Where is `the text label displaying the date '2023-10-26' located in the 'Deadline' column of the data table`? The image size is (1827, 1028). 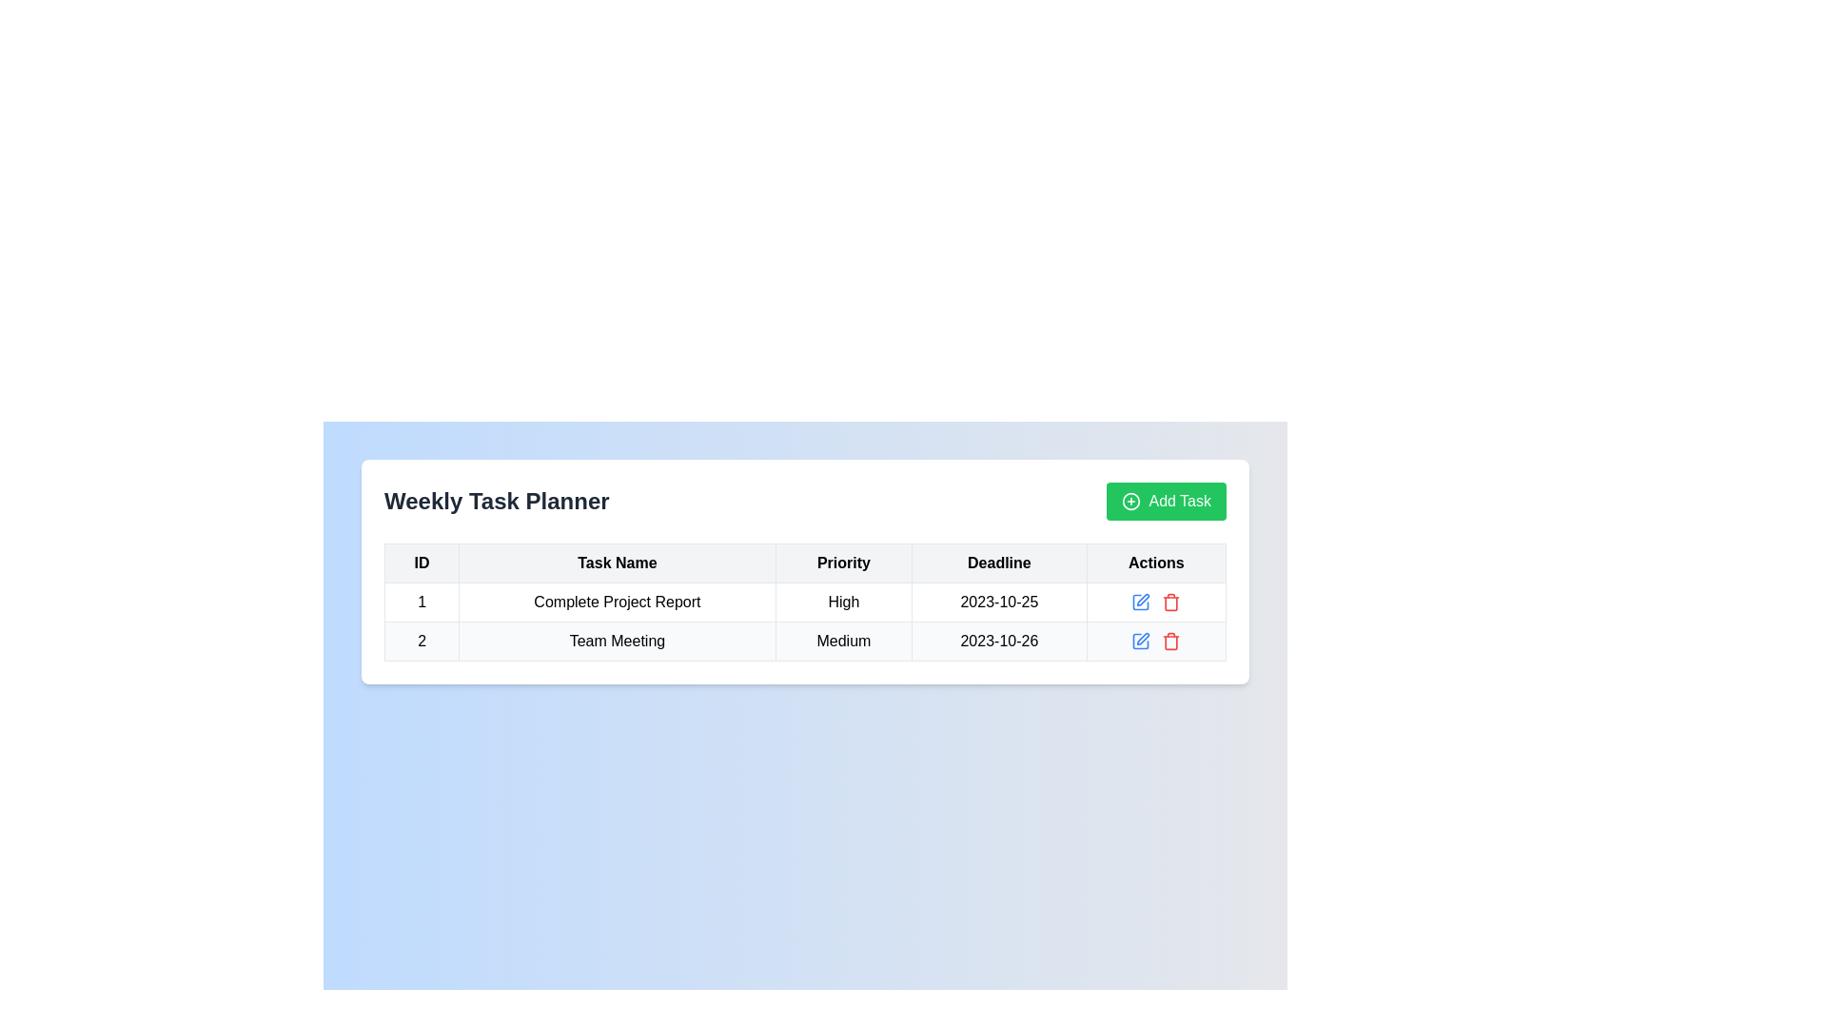 the text label displaying the date '2023-10-26' located in the 'Deadline' column of the data table is located at coordinates (998, 642).